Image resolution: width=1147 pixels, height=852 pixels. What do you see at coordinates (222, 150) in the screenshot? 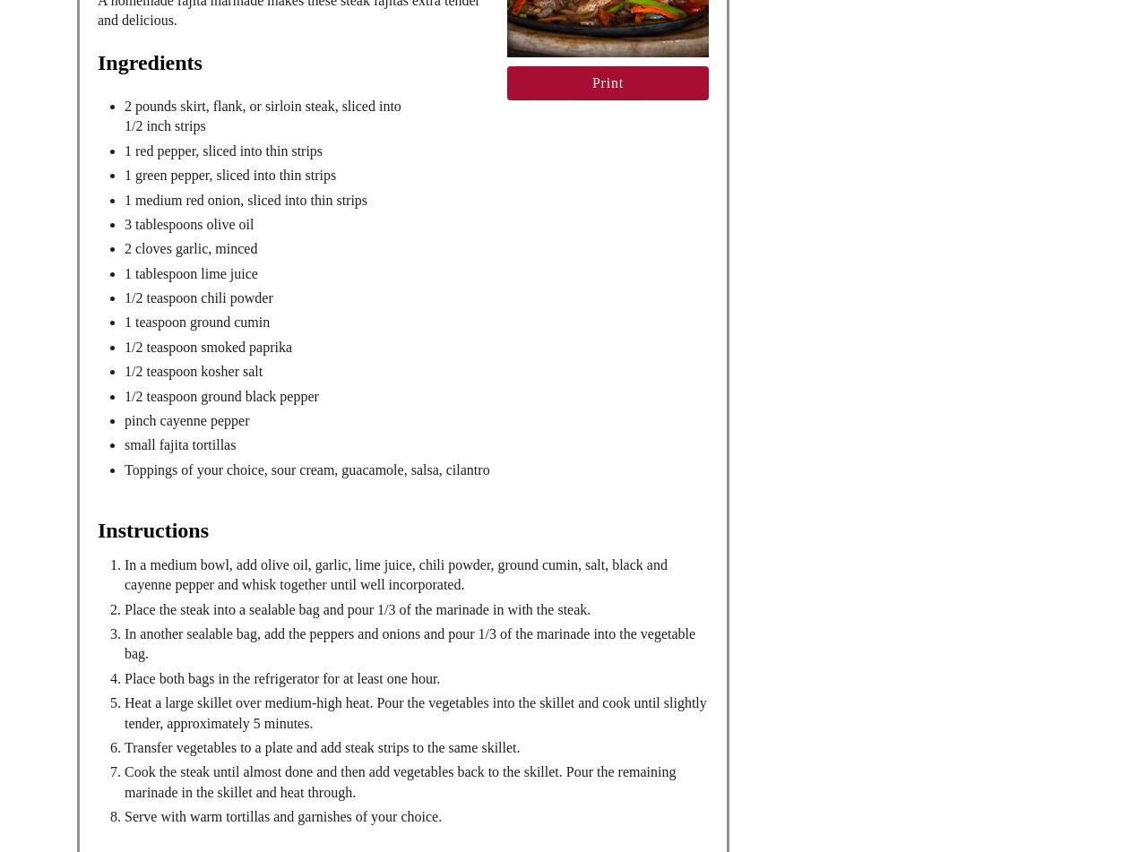
I see `'1 red pepper, sliced into thin strips'` at bounding box center [222, 150].